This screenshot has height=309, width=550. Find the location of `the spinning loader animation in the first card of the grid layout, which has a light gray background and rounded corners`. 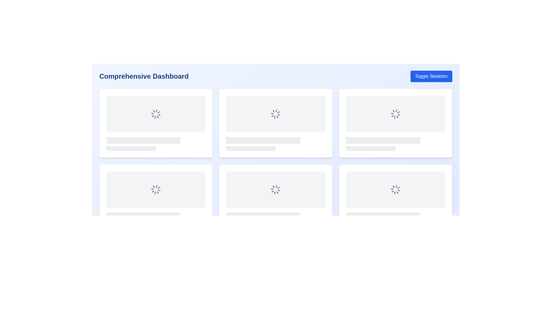

the spinning loader animation in the first card of the grid layout, which has a light gray background and rounded corners is located at coordinates (156, 114).